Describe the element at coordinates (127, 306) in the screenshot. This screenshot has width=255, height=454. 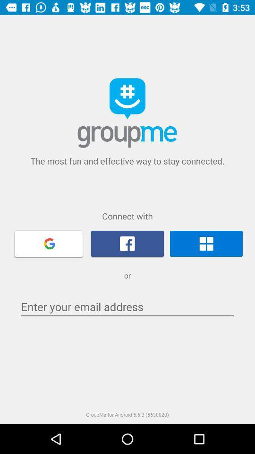
I see `the item above the groupme for android icon` at that location.